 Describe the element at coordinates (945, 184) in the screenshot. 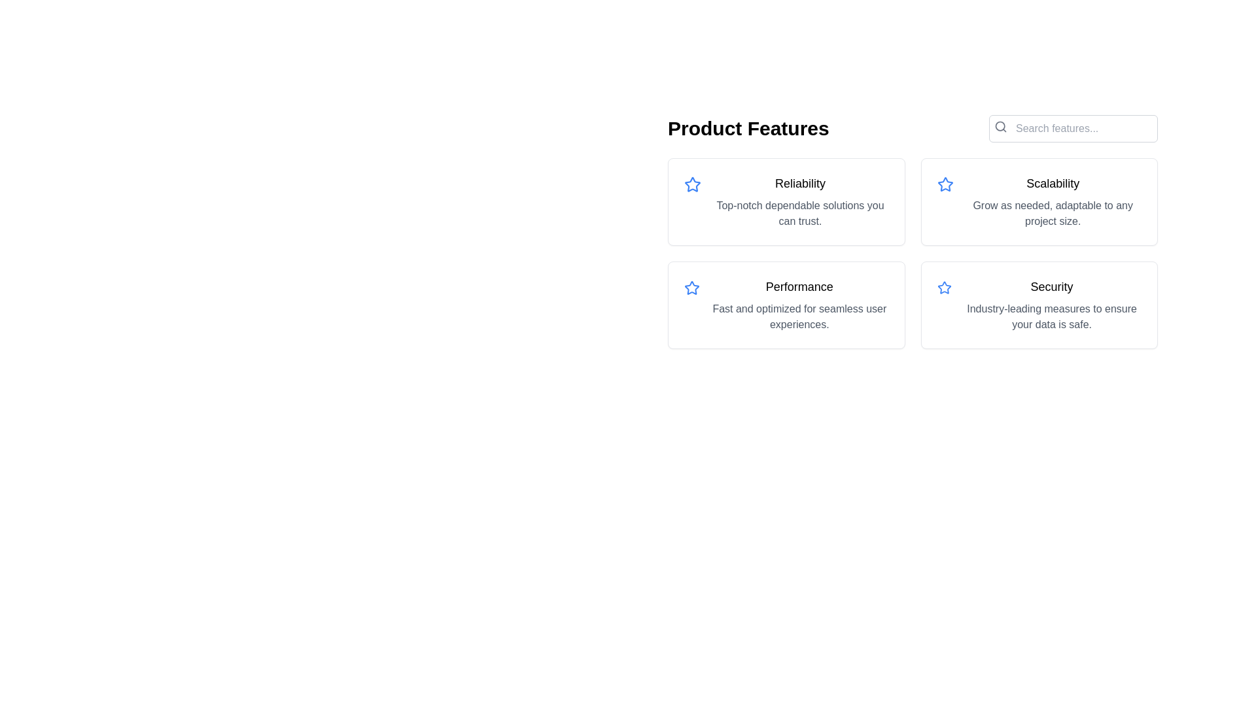

I see `the blue star-shaped icon associated with the 'Scalability' title` at that location.